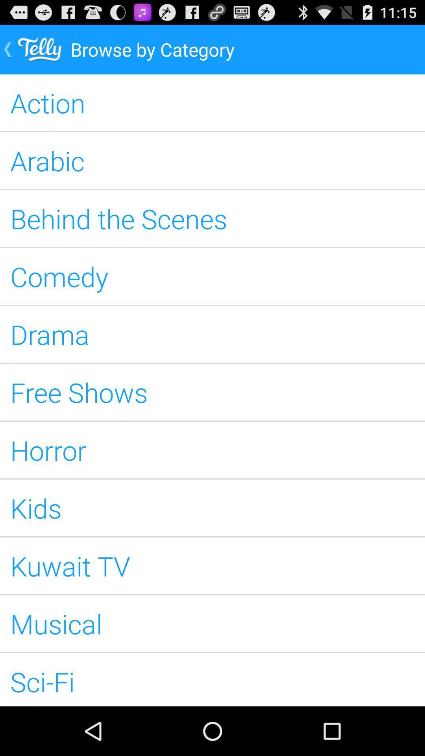 Image resolution: width=425 pixels, height=756 pixels. I want to click on the item below kids, so click(213, 565).